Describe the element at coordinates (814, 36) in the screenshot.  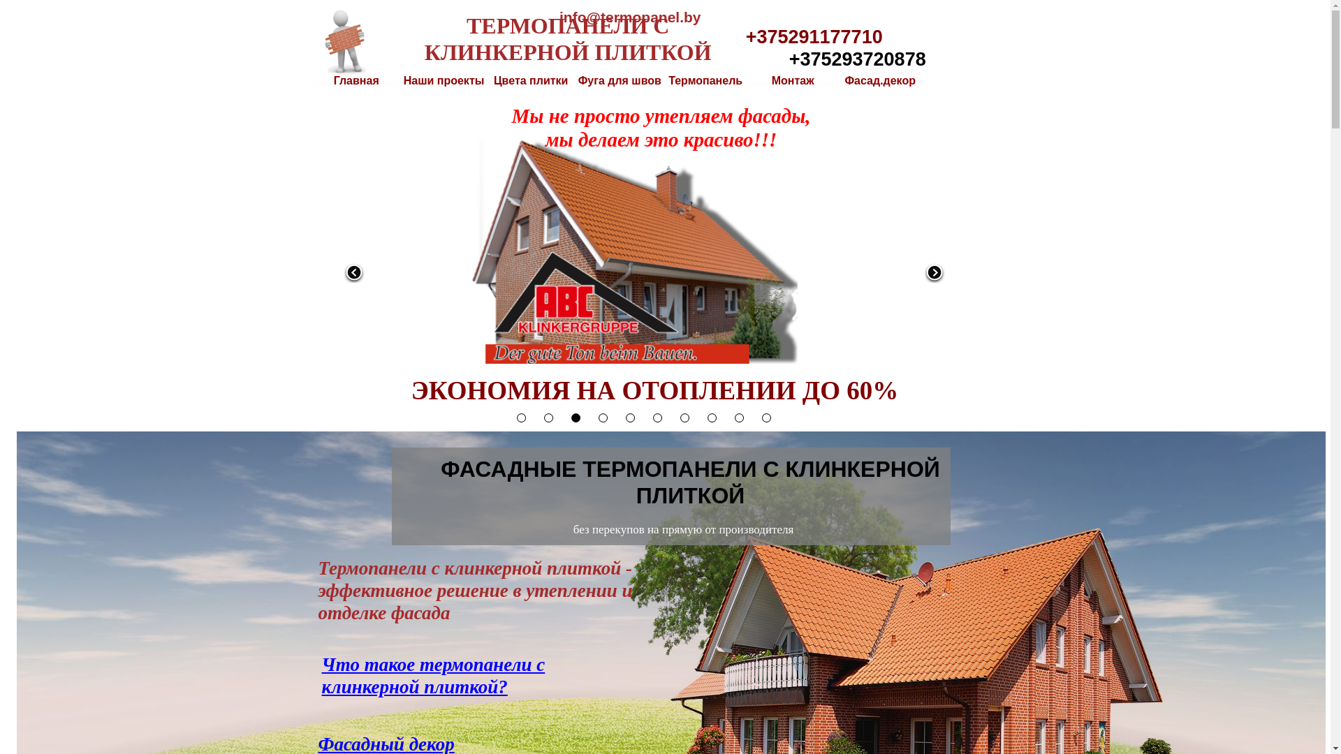
I see `'+375291177710'` at that location.